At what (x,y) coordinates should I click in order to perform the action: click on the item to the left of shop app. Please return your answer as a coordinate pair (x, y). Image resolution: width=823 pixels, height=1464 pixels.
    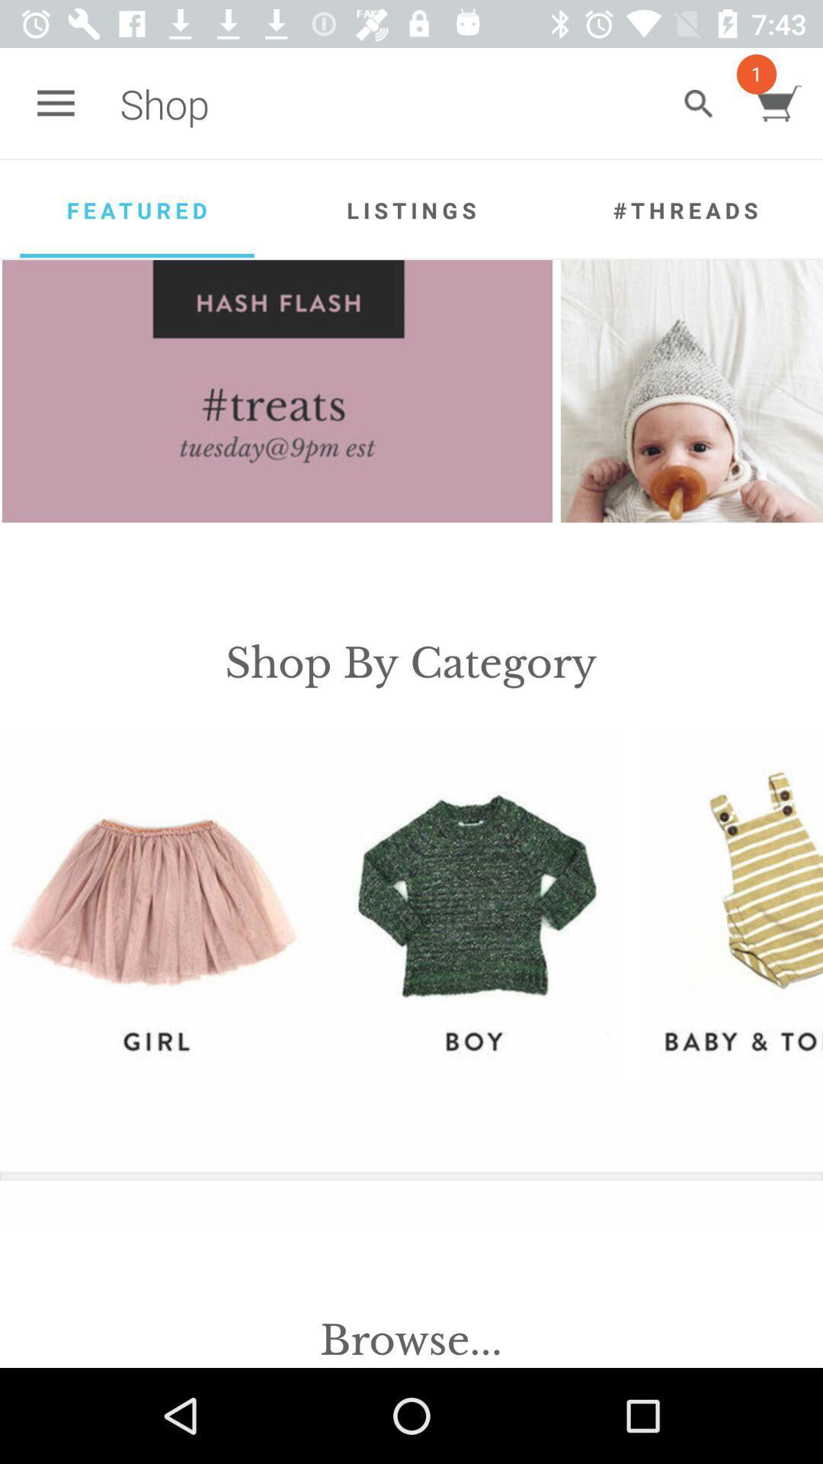
    Looking at the image, I should click on (55, 103).